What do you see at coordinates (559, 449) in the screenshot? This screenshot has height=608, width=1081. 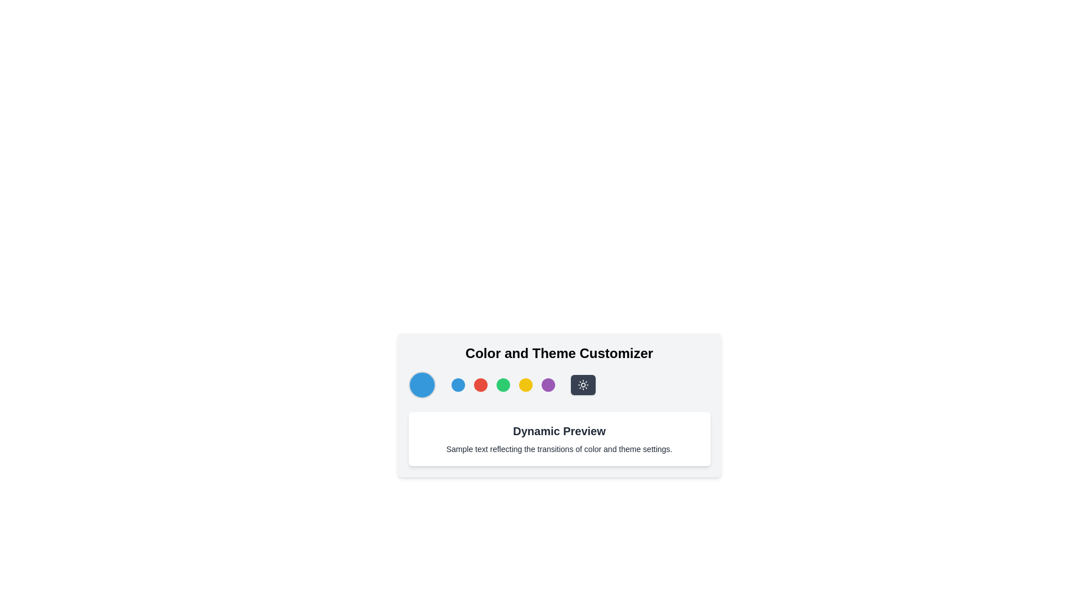 I see `the static text providing contextual information about the 'Dynamic Preview' feature, positioned beneath the 'Dynamic Preview' heading within the main white card interface` at bounding box center [559, 449].